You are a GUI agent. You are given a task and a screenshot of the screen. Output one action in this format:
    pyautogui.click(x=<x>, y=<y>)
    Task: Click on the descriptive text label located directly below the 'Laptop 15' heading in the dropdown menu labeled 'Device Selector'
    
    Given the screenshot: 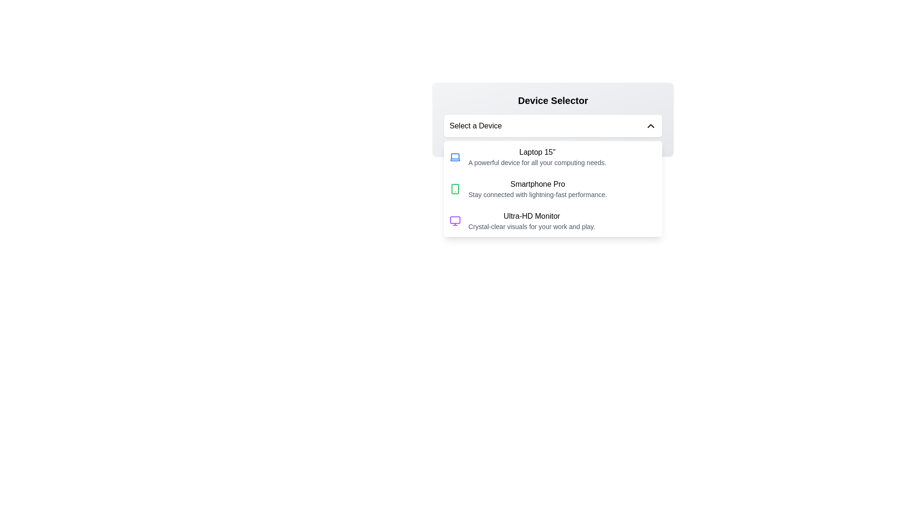 What is the action you would take?
    pyautogui.click(x=537, y=162)
    